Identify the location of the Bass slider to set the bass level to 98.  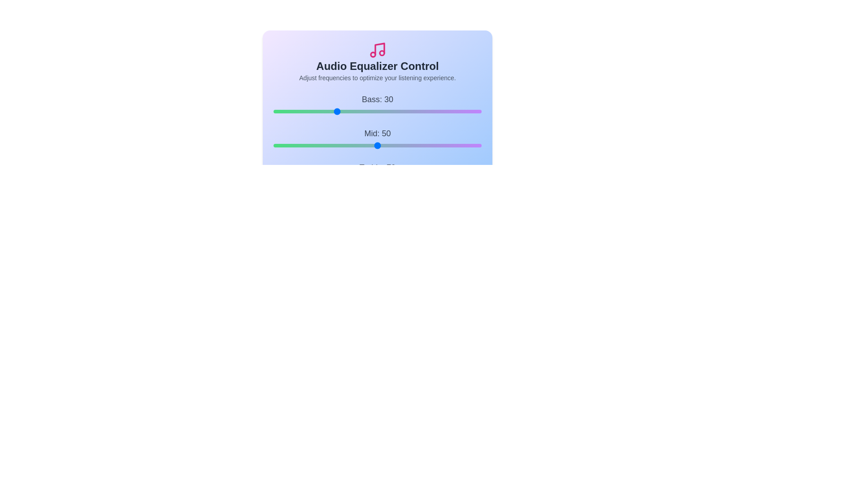
(477, 111).